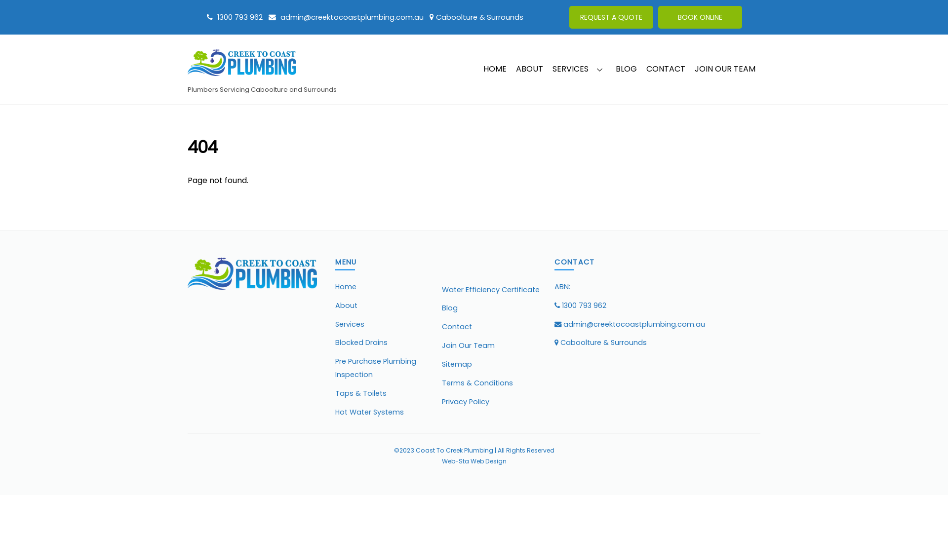  What do you see at coordinates (234, 17) in the screenshot?
I see `'1300 793 962'` at bounding box center [234, 17].